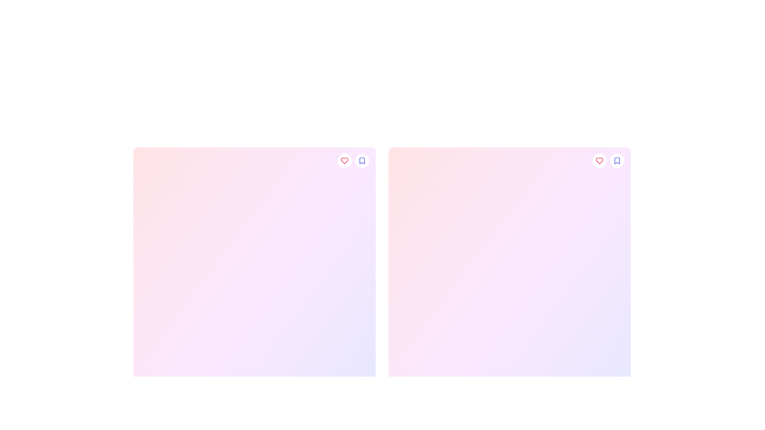  I want to click on the bookmark icon located at the top-right corner of the section, which allows users to save or bookmark content for later access, so click(617, 161).